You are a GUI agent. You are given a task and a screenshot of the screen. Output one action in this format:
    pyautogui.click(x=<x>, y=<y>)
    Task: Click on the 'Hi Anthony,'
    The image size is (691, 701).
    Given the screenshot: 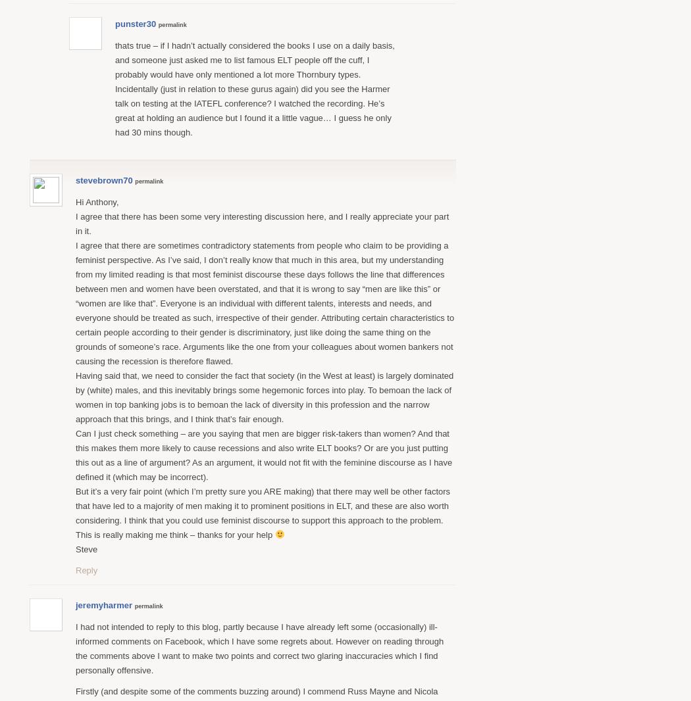 What is the action you would take?
    pyautogui.click(x=74, y=201)
    